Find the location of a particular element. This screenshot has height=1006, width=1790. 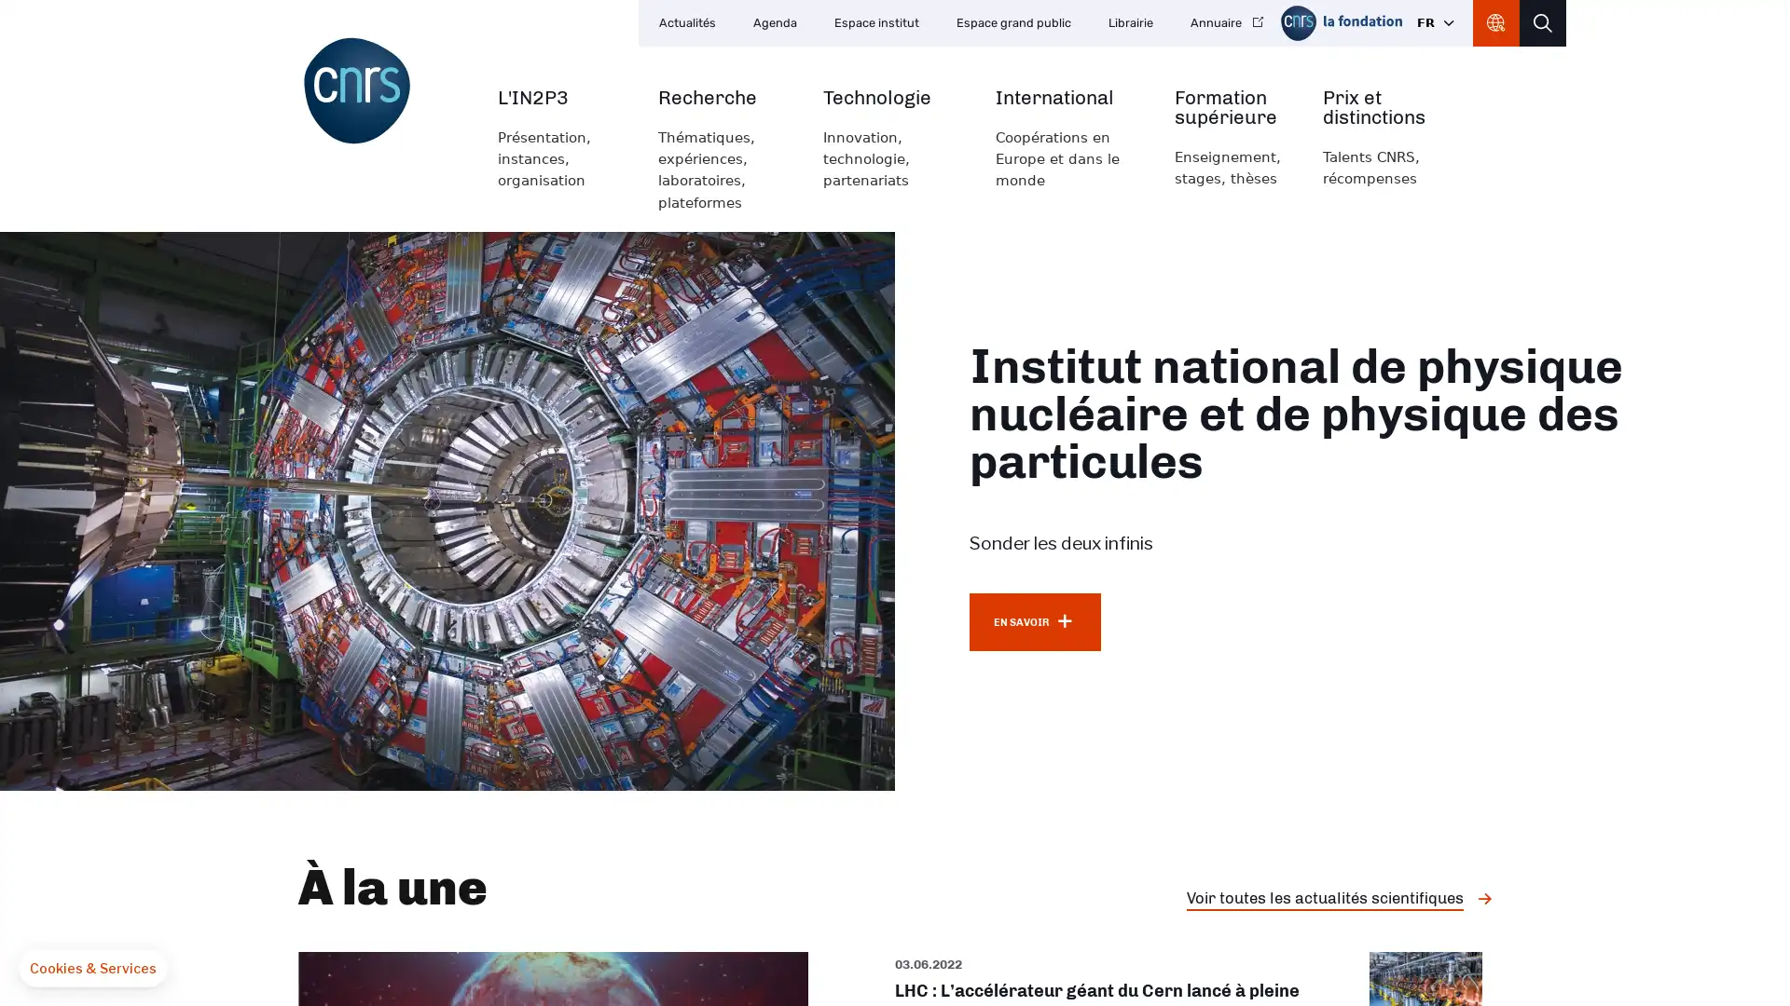

Fermer is located at coordinates (92, 966).